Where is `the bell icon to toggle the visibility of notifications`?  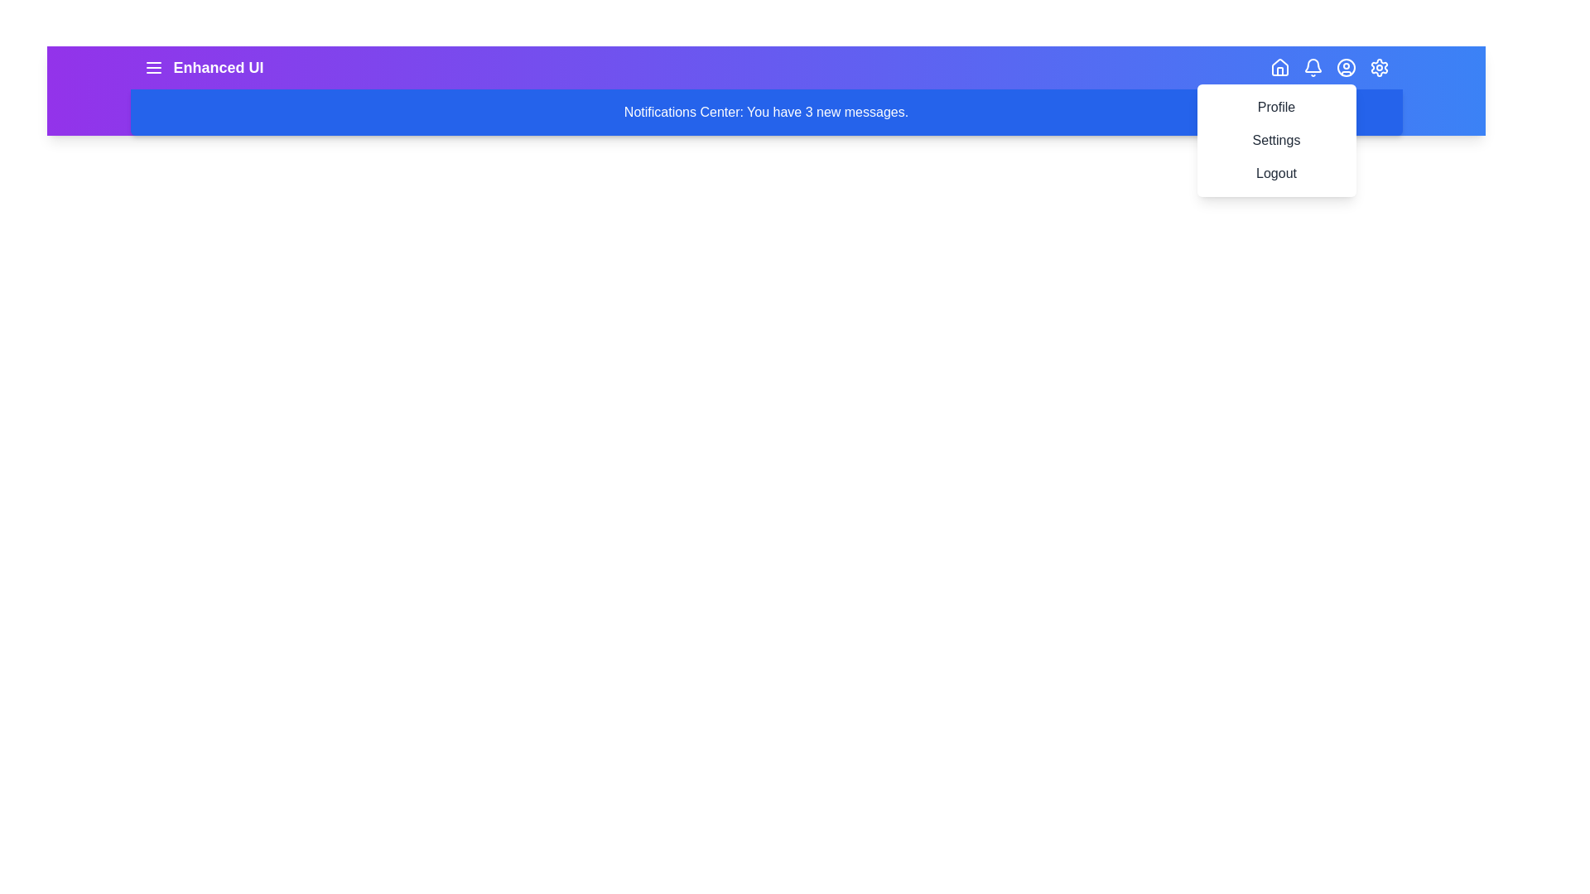
the bell icon to toggle the visibility of notifications is located at coordinates (1312, 66).